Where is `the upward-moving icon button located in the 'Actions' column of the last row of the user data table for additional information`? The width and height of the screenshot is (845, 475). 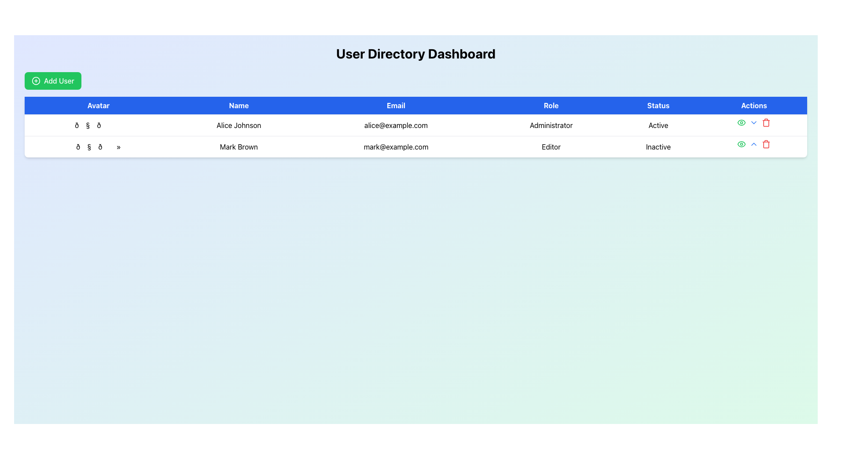 the upward-moving icon button located in the 'Actions' column of the last row of the user data table for additional information is located at coordinates (753, 143).